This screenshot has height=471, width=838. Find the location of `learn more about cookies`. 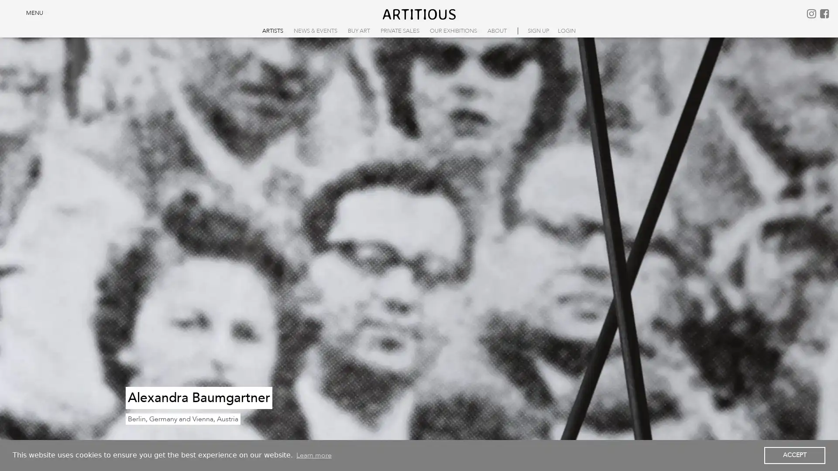

learn more about cookies is located at coordinates (314, 455).